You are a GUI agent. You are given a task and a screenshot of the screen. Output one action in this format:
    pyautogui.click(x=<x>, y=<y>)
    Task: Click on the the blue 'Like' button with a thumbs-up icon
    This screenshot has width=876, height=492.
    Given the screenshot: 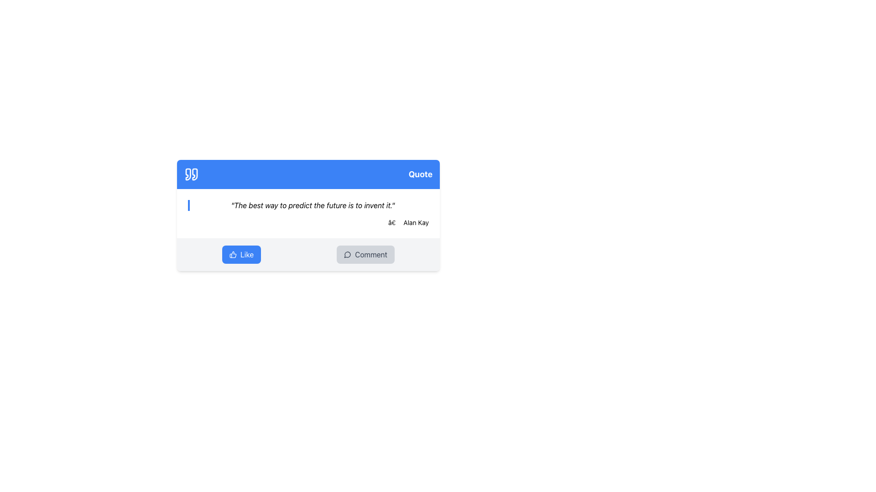 What is the action you would take?
    pyautogui.click(x=241, y=255)
    